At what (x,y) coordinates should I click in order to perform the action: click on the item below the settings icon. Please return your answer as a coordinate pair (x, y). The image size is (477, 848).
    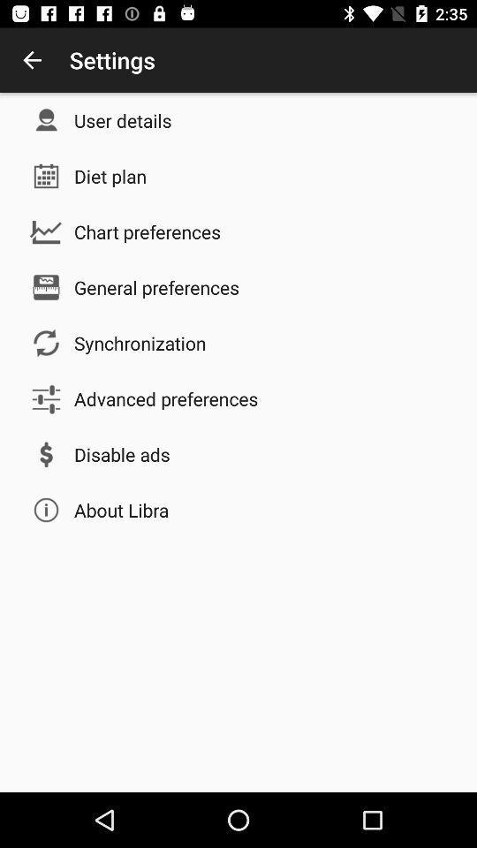
    Looking at the image, I should click on (122, 119).